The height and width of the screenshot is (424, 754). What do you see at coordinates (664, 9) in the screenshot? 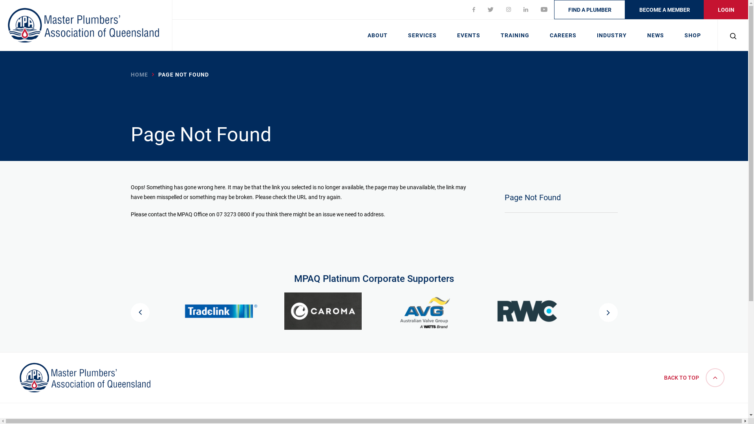
I see `'BECOME A MEMBER'` at bounding box center [664, 9].